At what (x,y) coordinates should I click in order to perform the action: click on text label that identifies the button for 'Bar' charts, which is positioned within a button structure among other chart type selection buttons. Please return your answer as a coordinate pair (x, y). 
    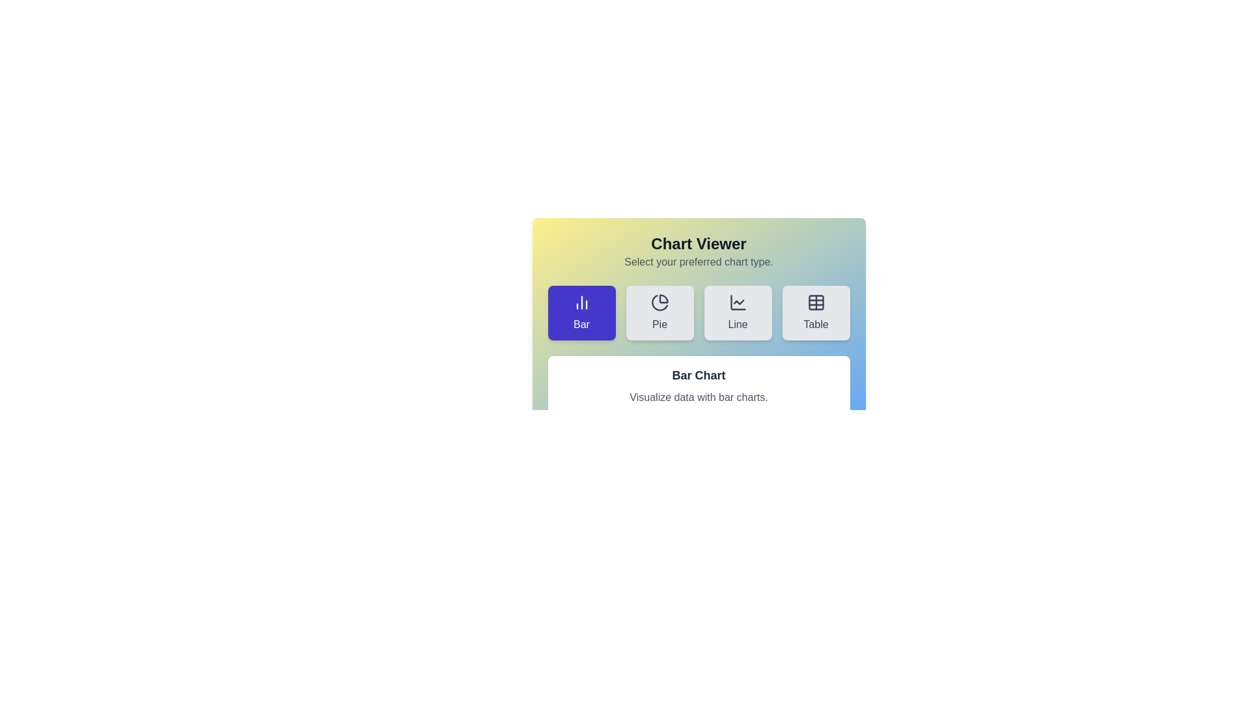
    Looking at the image, I should click on (581, 324).